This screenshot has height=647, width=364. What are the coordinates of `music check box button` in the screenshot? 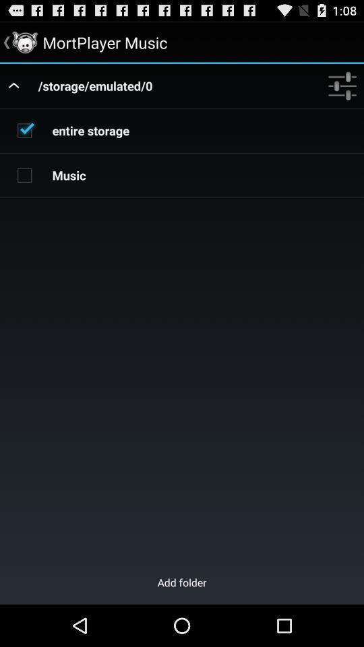 It's located at (24, 174).